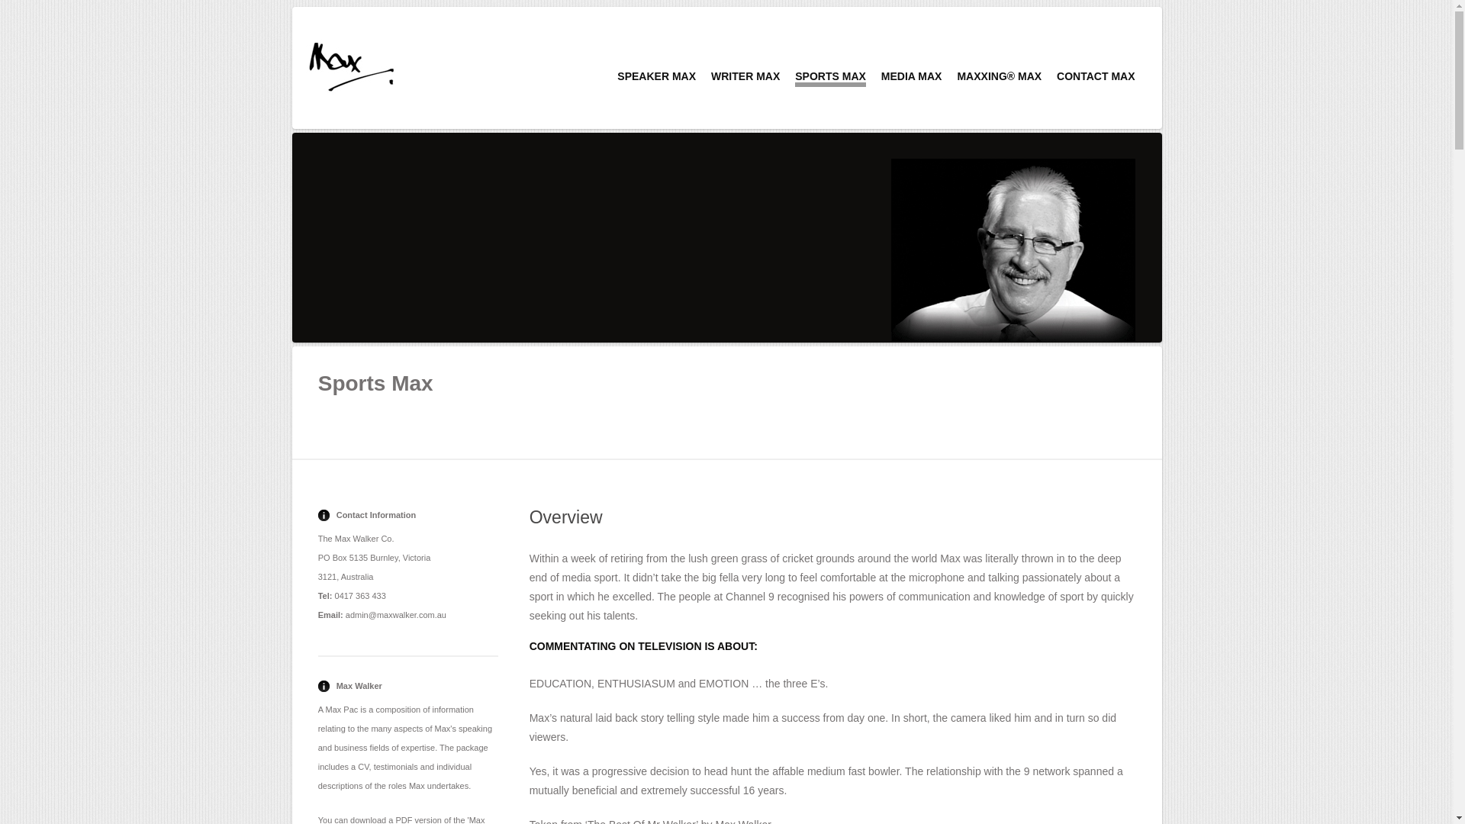  What do you see at coordinates (745, 76) in the screenshot?
I see `'WRITER MAX'` at bounding box center [745, 76].